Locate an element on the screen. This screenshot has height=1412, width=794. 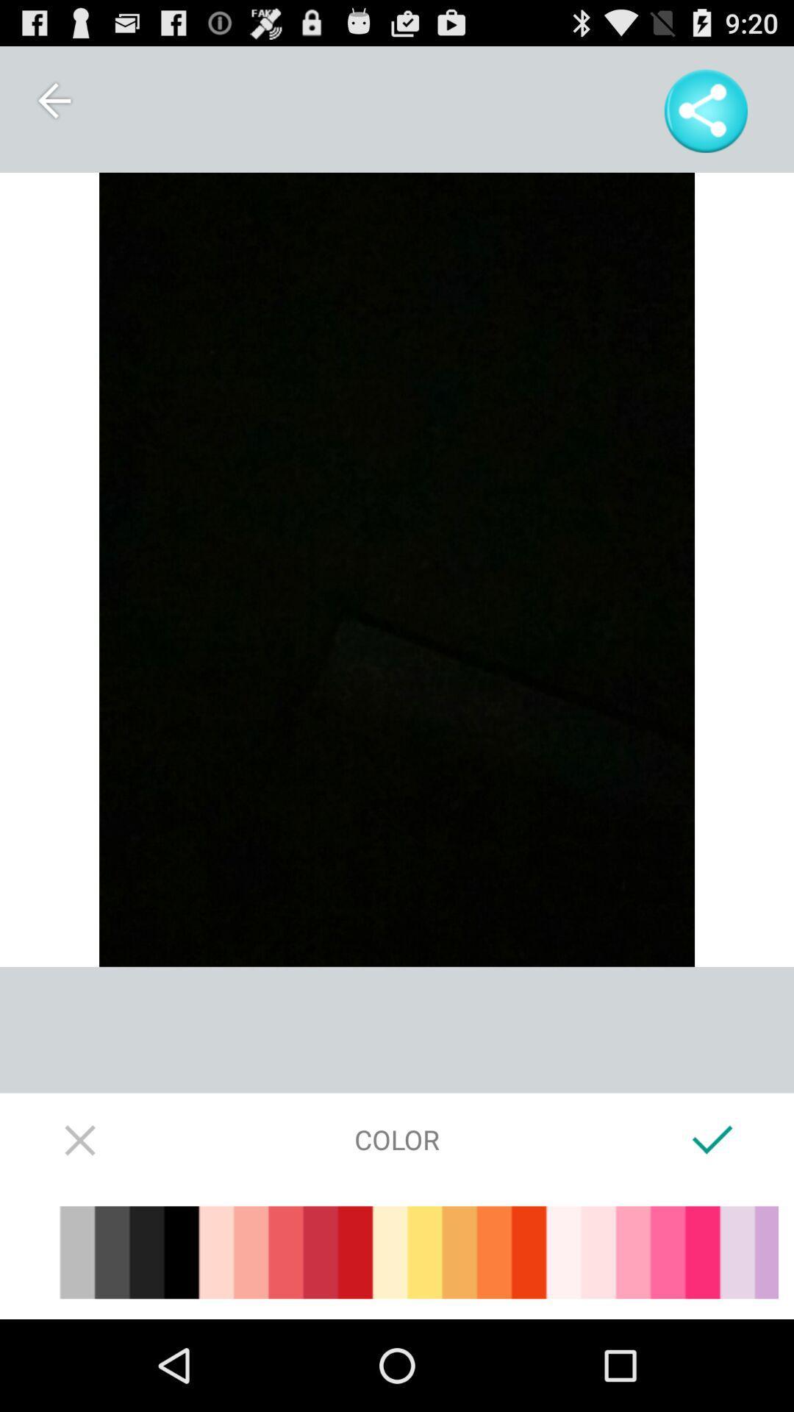
the icon to the left of color icon is located at coordinates (81, 1138).